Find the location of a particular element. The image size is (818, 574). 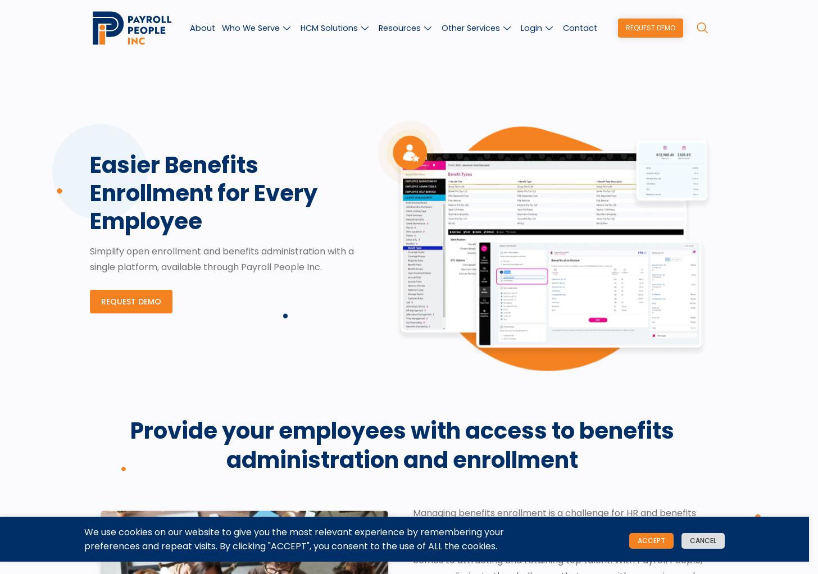

'The single-source technology platform enables you to accurately pay your team quickly and efficiently.' is located at coordinates (422, 233).